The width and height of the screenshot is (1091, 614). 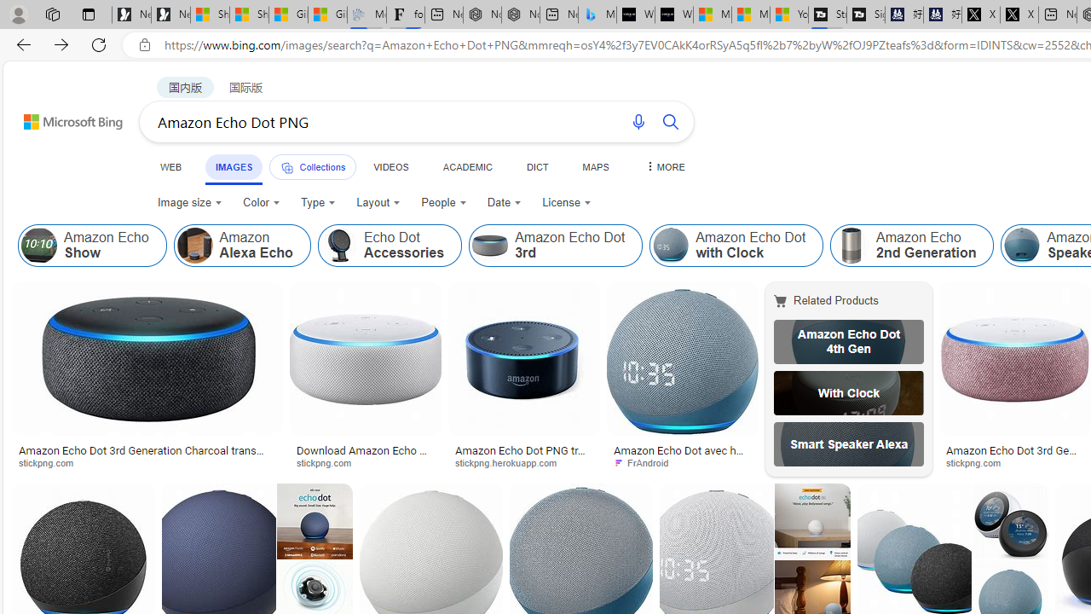 I want to click on 'Date', so click(x=504, y=201).